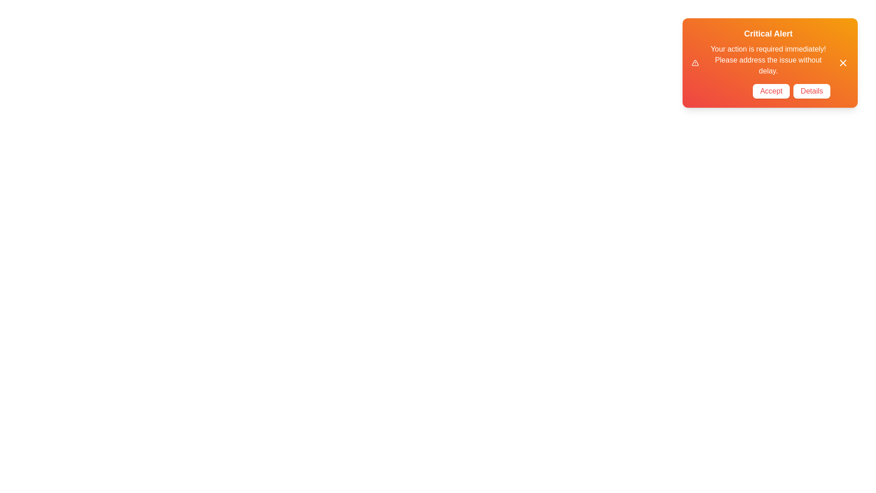 The image size is (876, 493). What do you see at coordinates (771, 91) in the screenshot?
I see `the 'Accept' button to acknowledge the alert` at bounding box center [771, 91].